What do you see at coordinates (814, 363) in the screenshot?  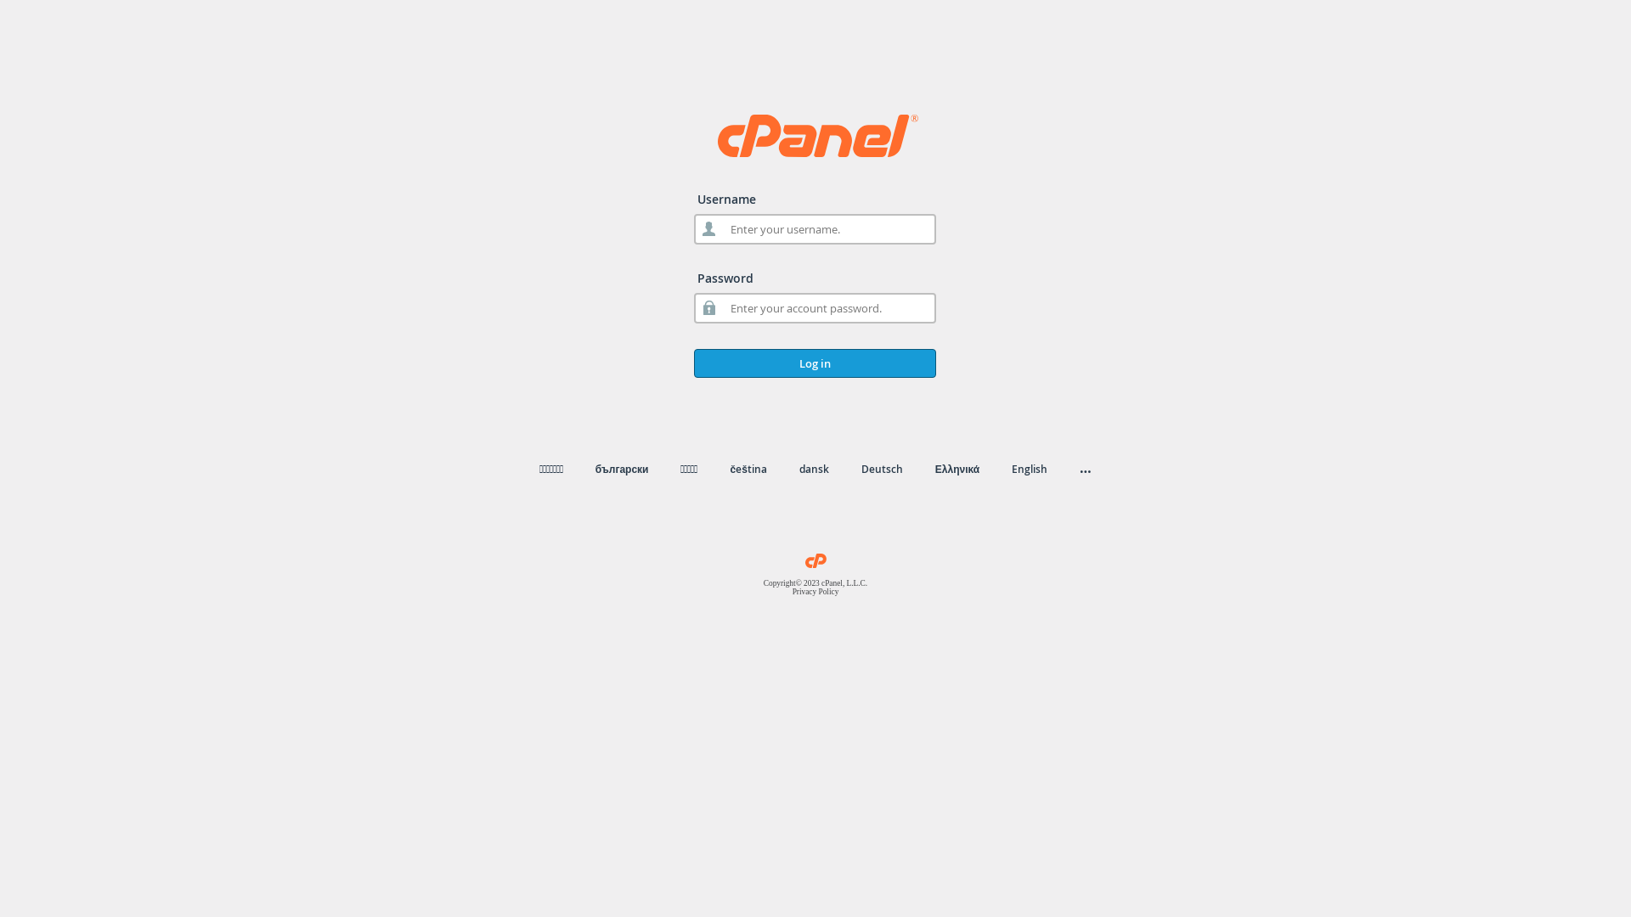 I see `'Log in'` at bounding box center [814, 363].